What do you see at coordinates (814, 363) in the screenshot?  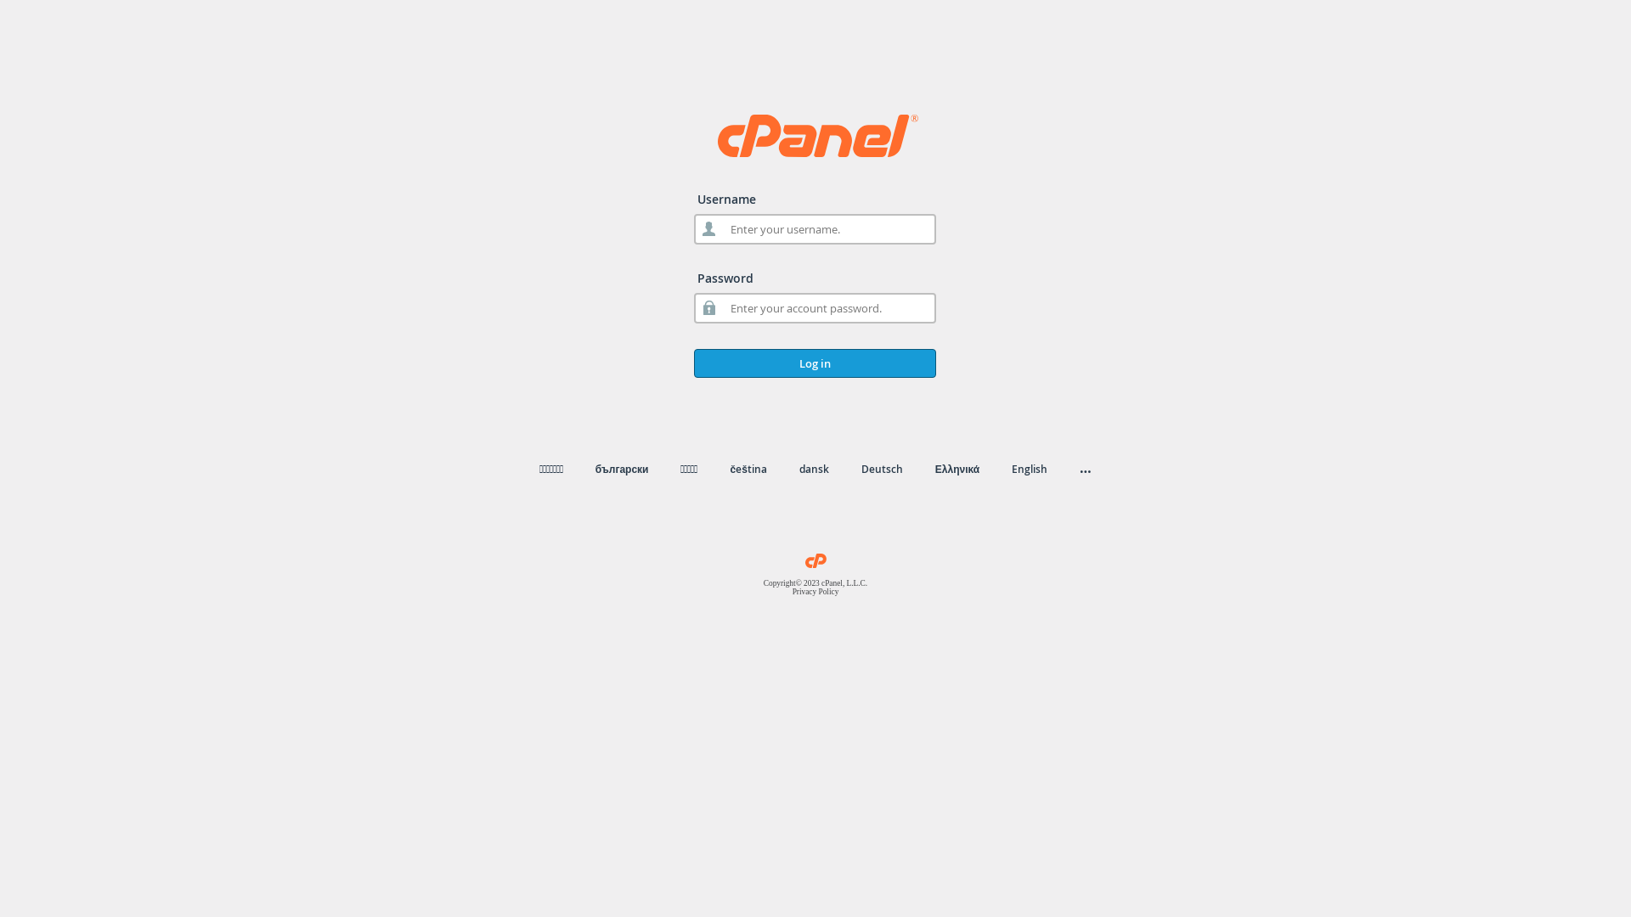 I see `'Log in'` at bounding box center [814, 363].